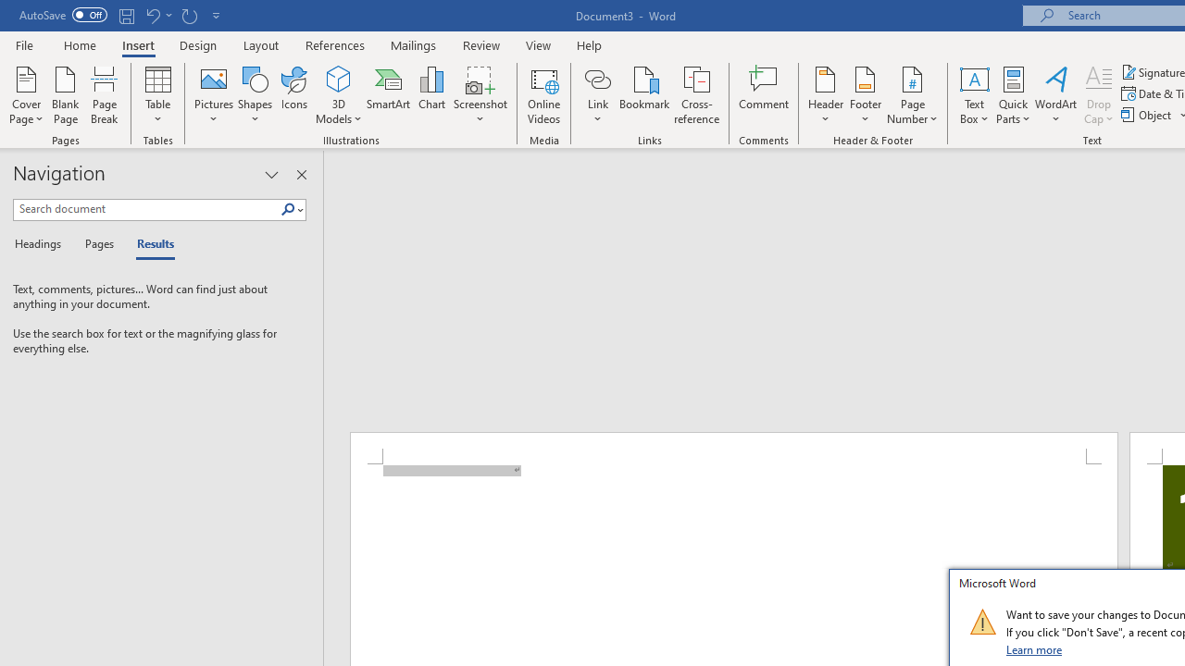  What do you see at coordinates (1056, 95) in the screenshot?
I see `'WordArt'` at bounding box center [1056, 95].